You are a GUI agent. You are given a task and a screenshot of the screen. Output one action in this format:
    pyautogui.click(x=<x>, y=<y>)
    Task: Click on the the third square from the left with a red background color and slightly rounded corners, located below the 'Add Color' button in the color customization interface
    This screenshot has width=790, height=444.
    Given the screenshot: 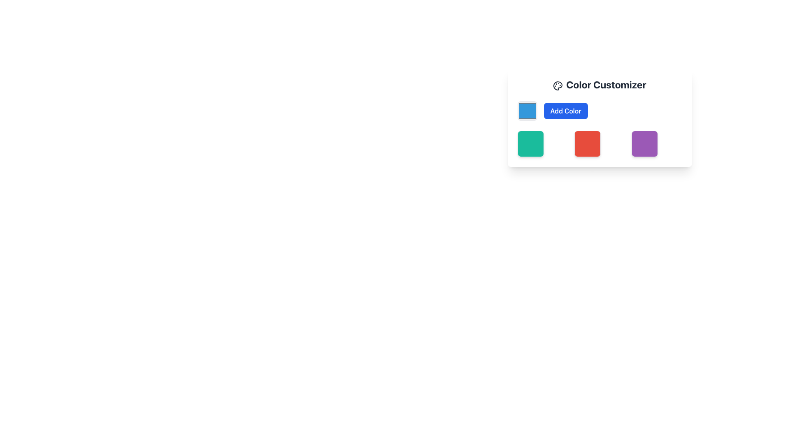 What is the action you would take?
    pyautogui.click(x=587, y=143)
    